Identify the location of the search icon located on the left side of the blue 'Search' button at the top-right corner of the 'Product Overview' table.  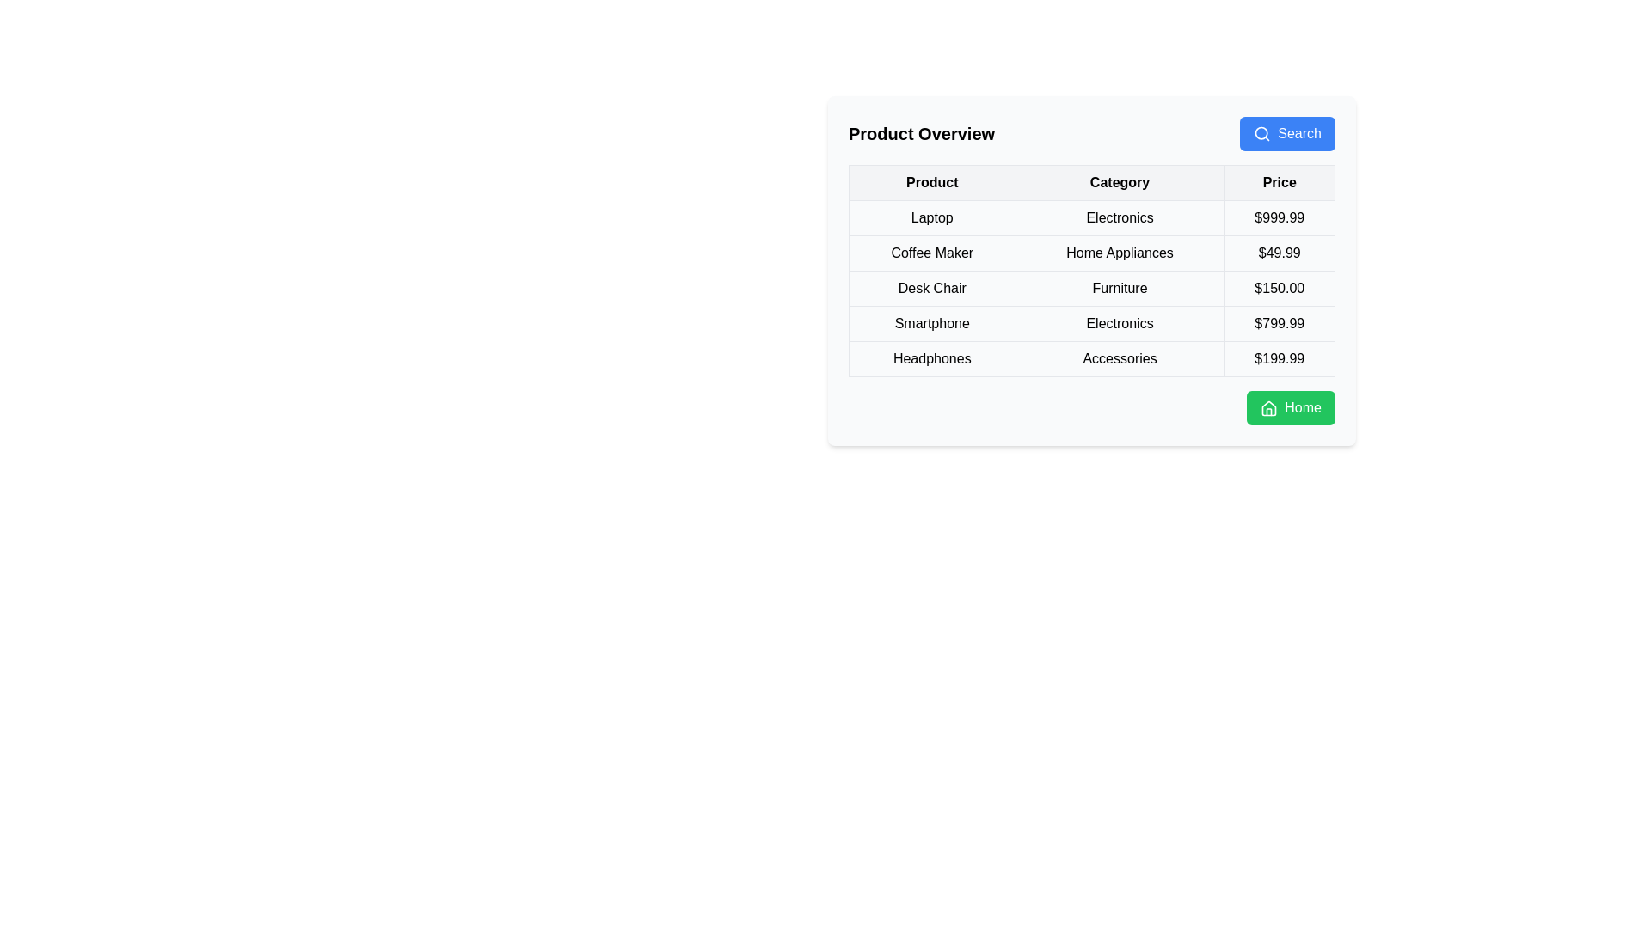
(1262, 132).